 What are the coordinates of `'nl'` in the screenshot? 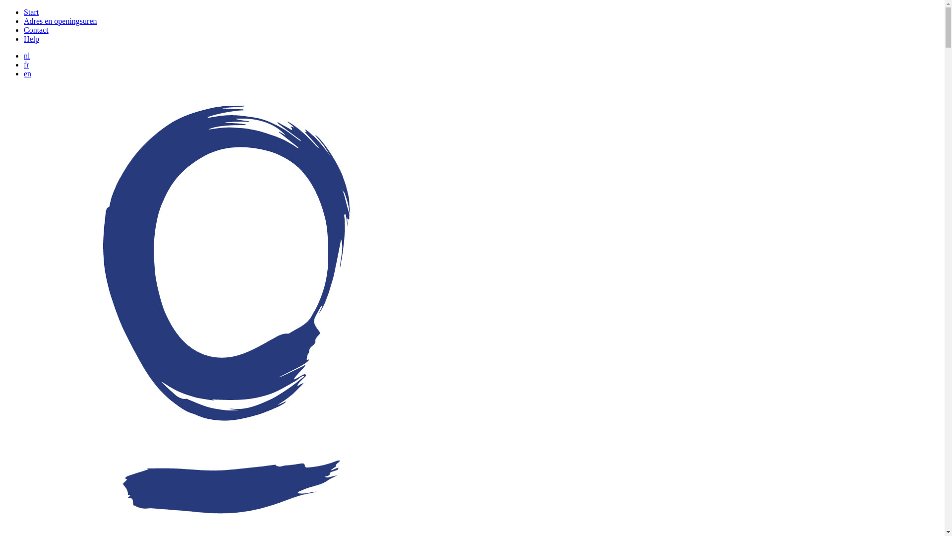 It's located at (26, 56).